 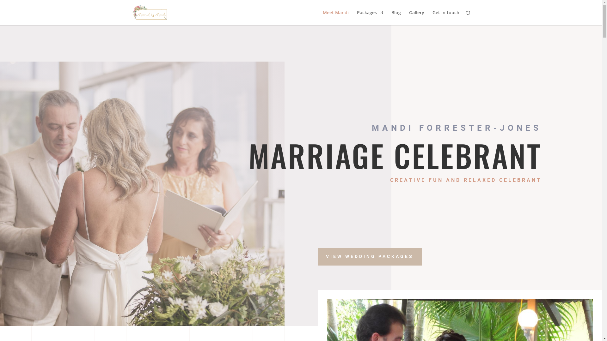 What do you see at coordinates (370, 257) in the screenshot?
I see `'VIEW WEDDING PACKAGES'` at bounding box center [370, 257].